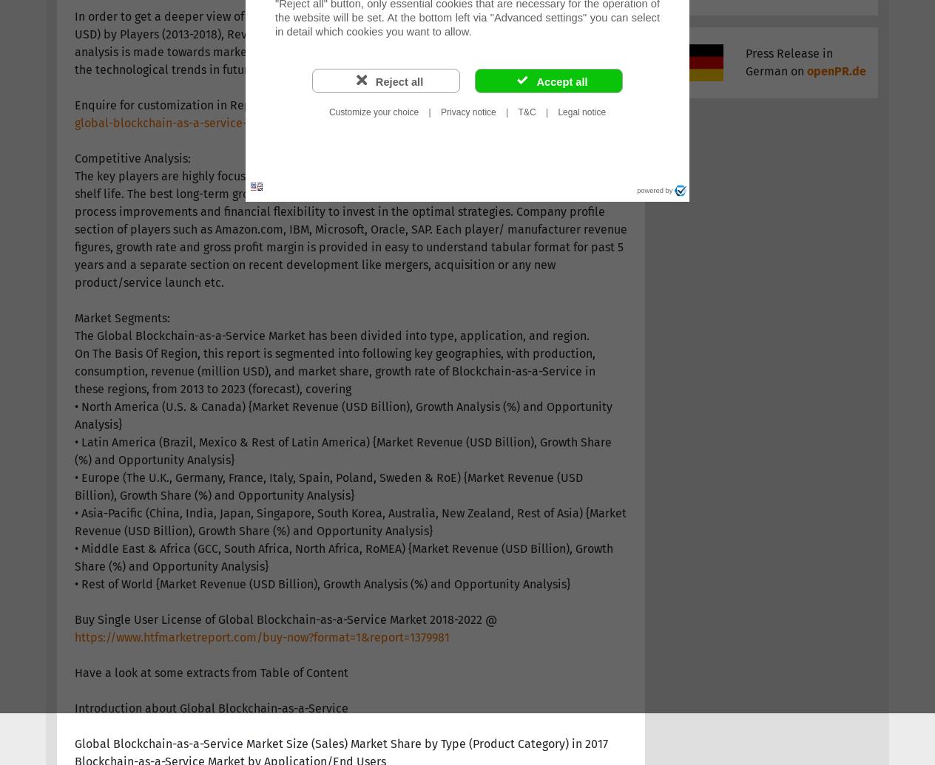 Image resolution: width=935 pixels, height=765 pixels. What do you see at coordinates (788, 62) in the screenshot?
I see `'Press Release in German on'` at bounding box center [788, 62].